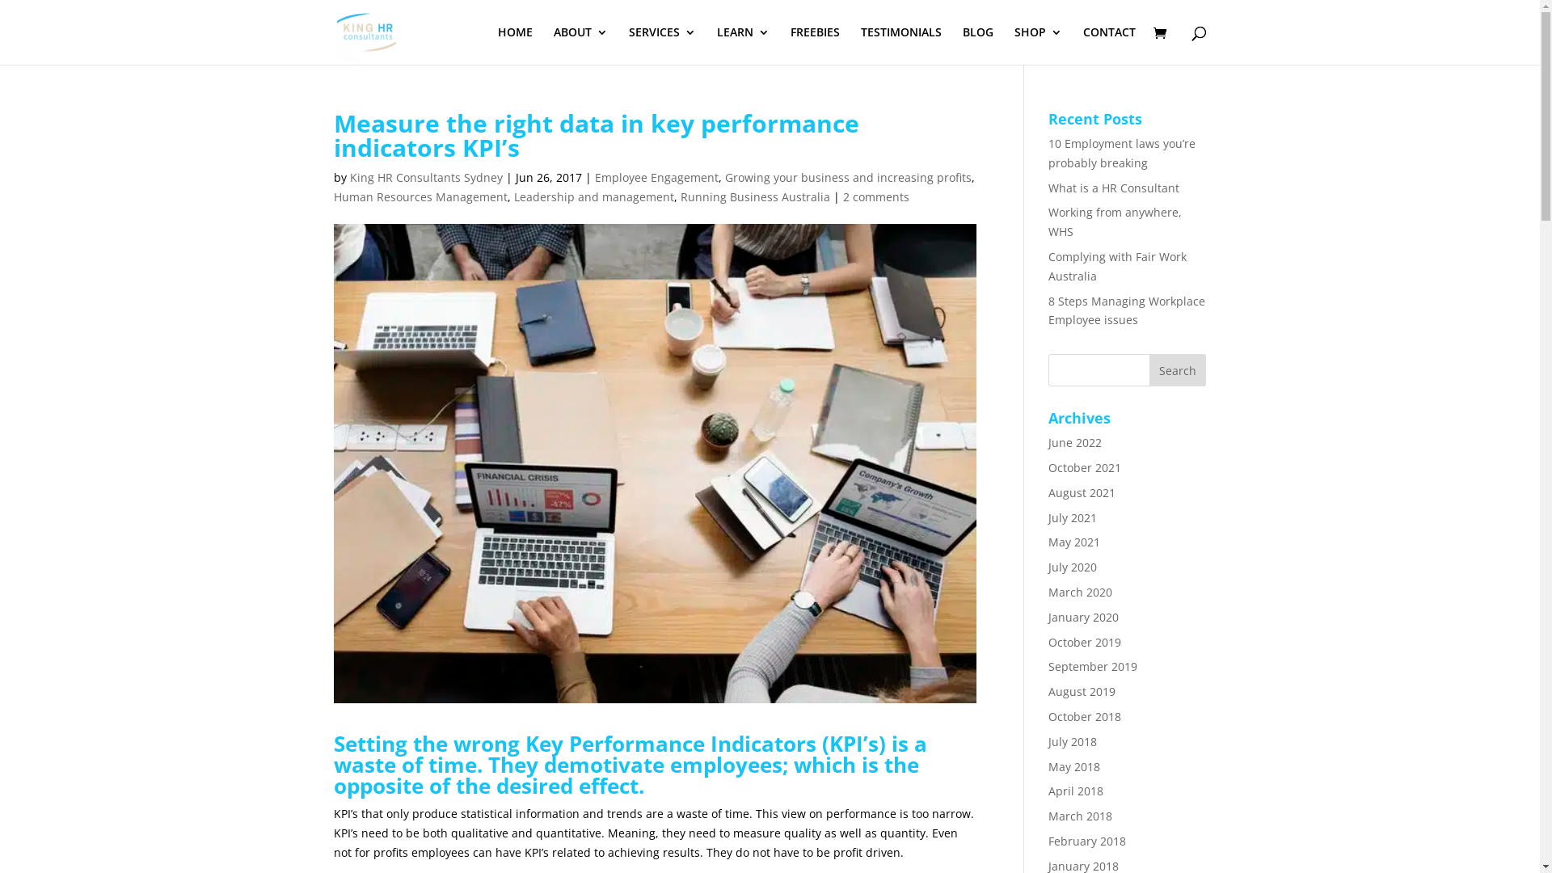  Describe the element at coordinates (1085, 467) in the screenshot. I see `'October 2021'` at that location.